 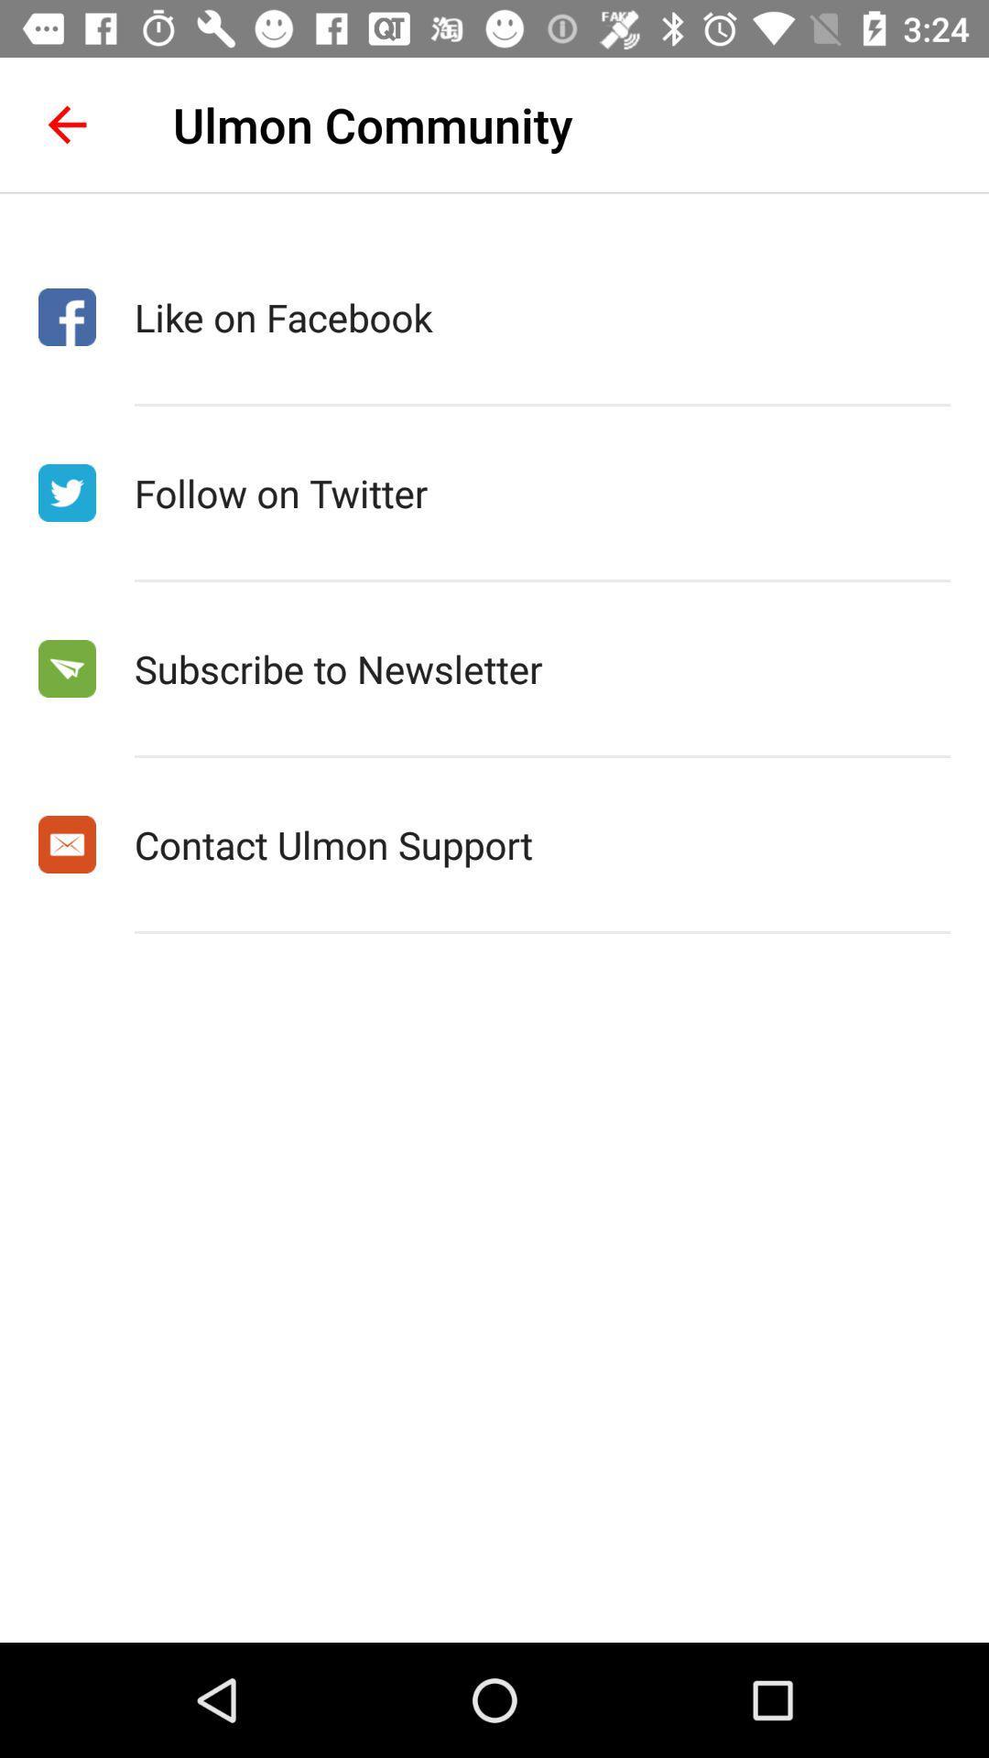 What do you see at coordinates (66, 124) in the screenshot?
I see `the icon next to ulmon community` at bounding box center [66, 124].